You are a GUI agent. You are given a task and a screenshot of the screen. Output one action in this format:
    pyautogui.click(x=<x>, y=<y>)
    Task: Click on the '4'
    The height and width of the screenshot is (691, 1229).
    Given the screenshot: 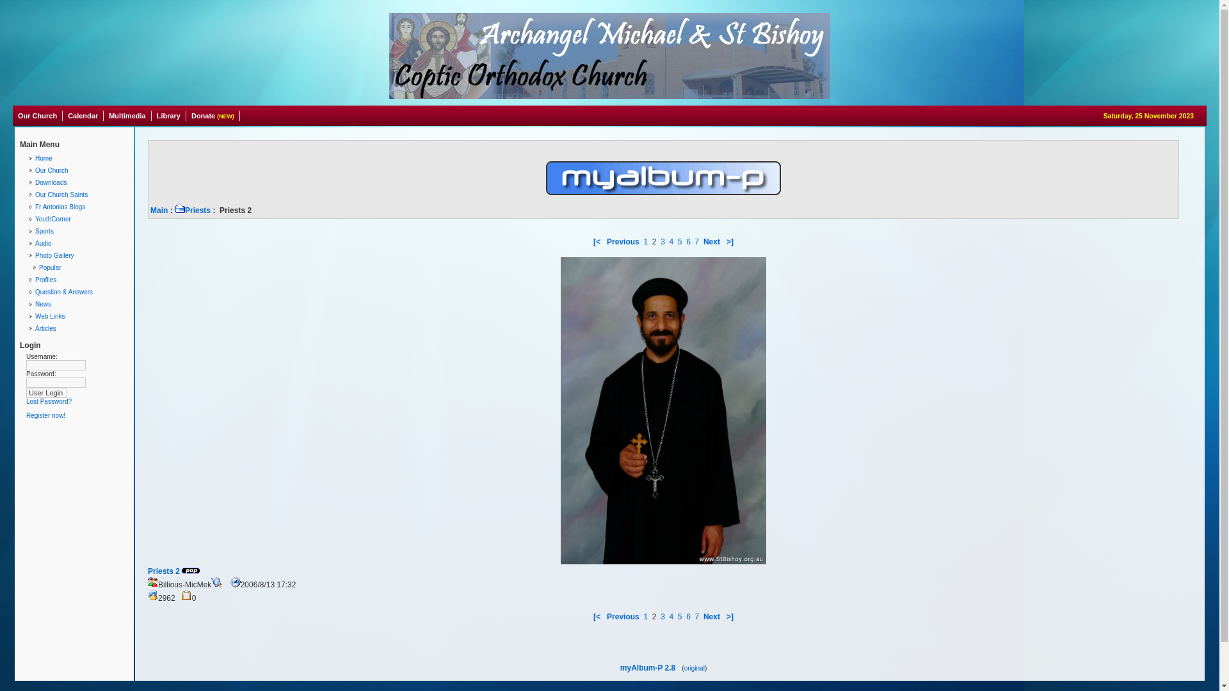 What is the action you would take?
    pyautogui.click(x=670, y=616)
    